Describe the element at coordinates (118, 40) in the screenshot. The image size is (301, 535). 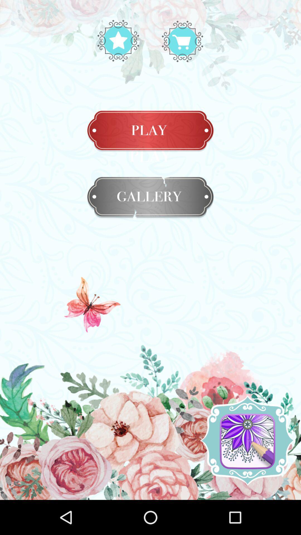
I see `the star icon` at that location.